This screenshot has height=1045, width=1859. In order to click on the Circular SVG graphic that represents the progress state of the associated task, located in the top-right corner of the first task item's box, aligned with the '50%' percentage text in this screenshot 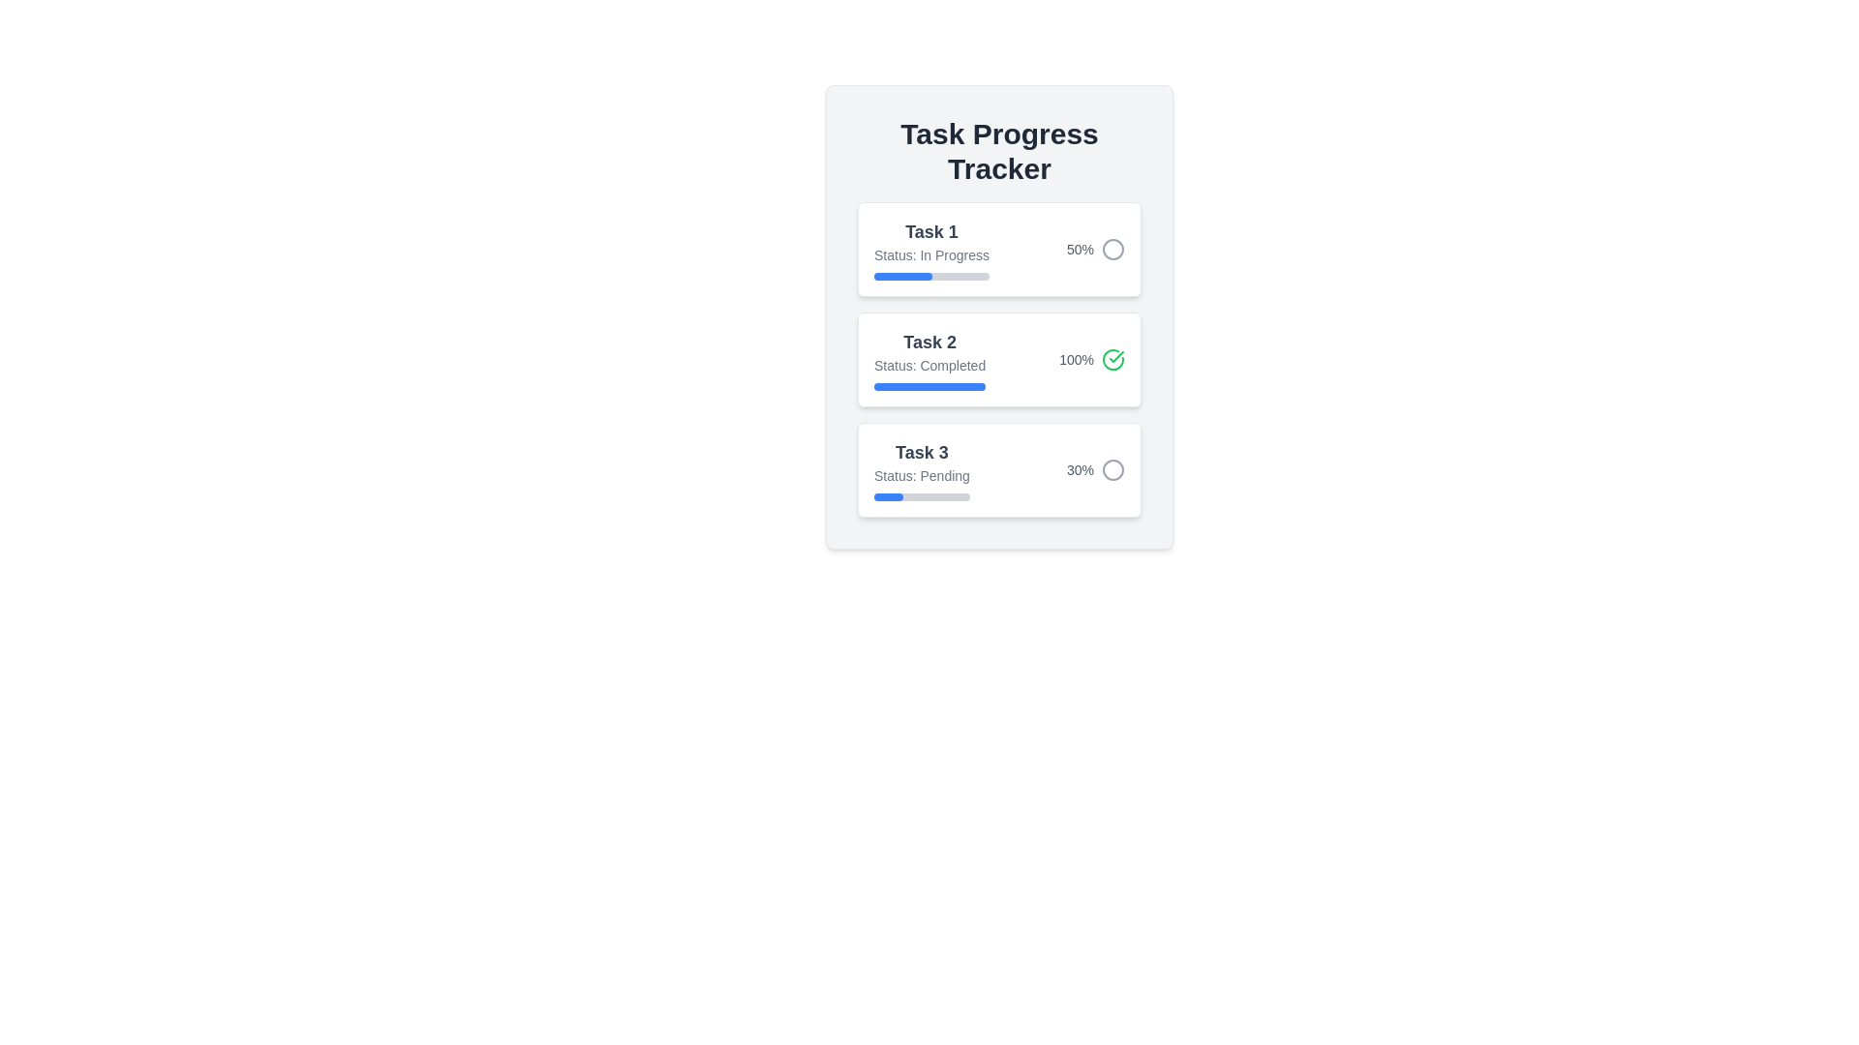, I will do `click(1113, 249)`.